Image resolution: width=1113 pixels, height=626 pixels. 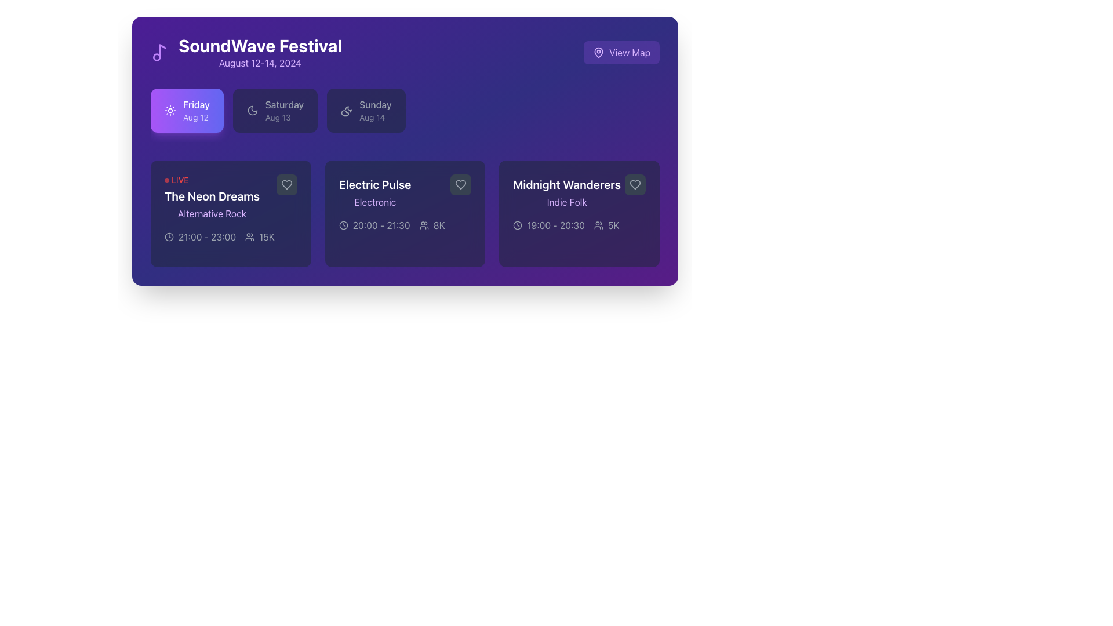 I want to click on the musical note icon outlined in purple, which is located to the left of the 'SoundWave Festival' text at the top-left corner of the header section, so click(x=159, y=53).